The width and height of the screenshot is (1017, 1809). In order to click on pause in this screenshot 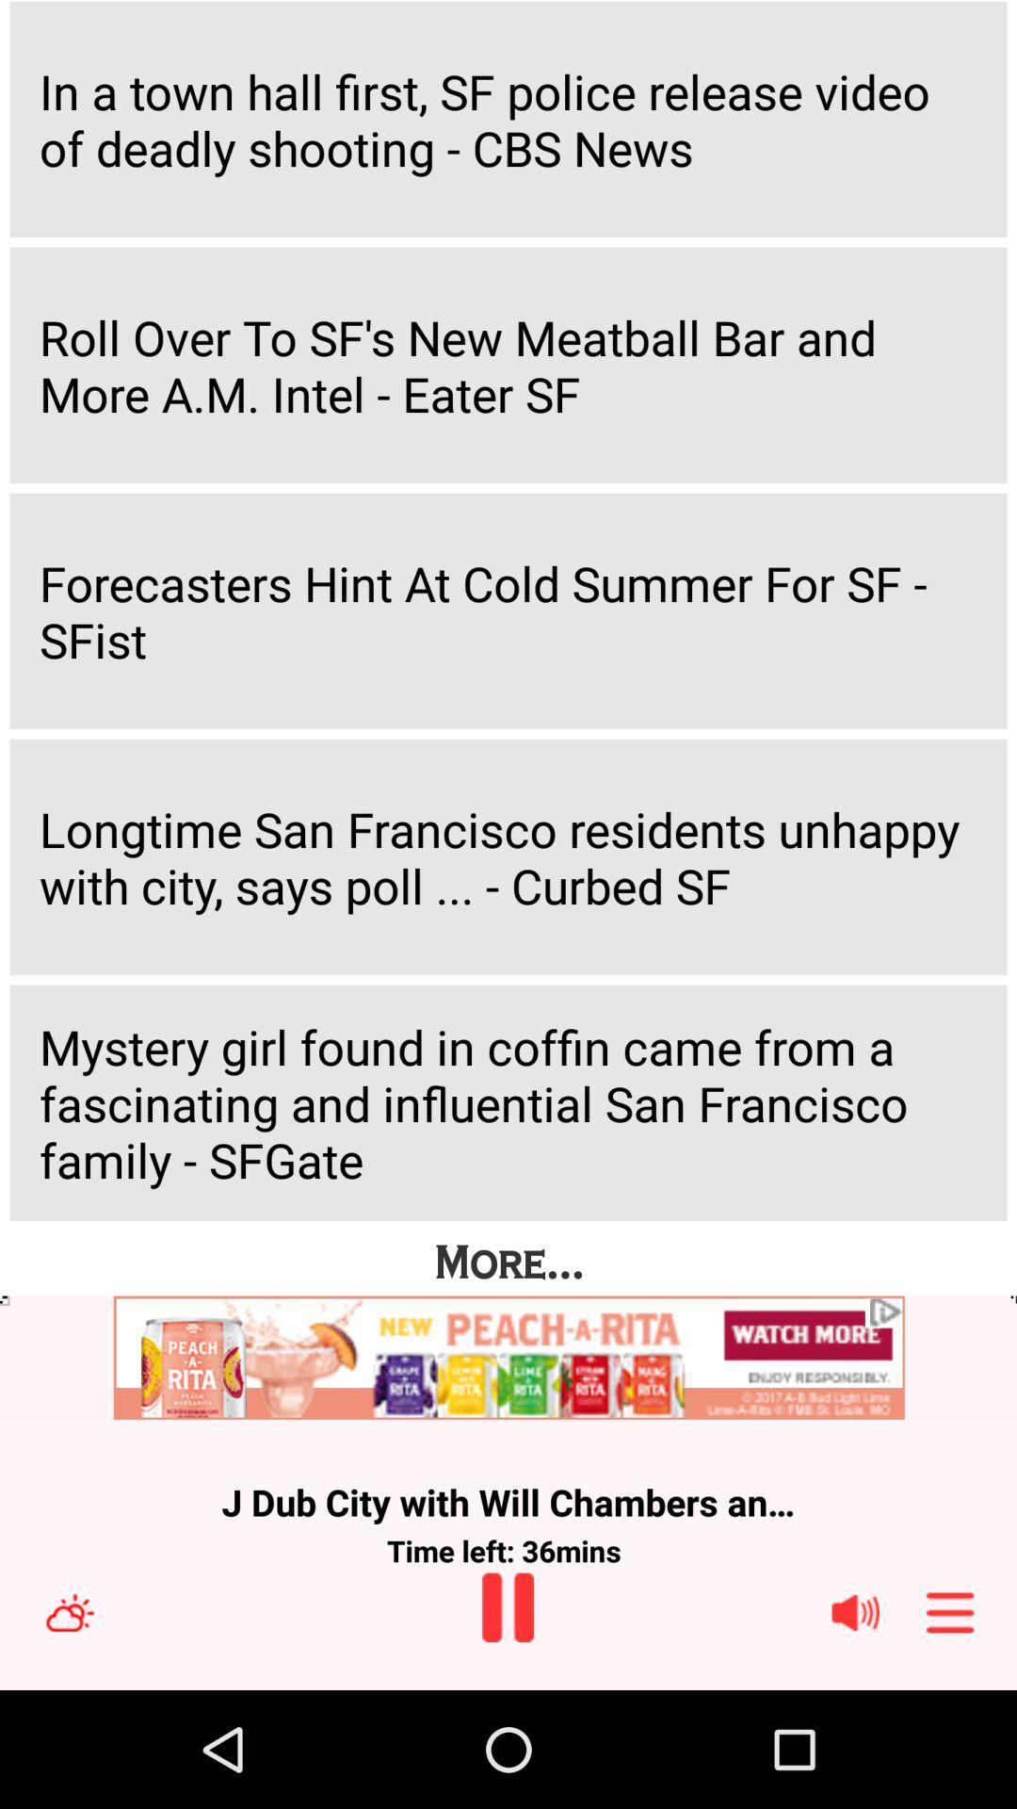, I will do `click(507, 1606)`.